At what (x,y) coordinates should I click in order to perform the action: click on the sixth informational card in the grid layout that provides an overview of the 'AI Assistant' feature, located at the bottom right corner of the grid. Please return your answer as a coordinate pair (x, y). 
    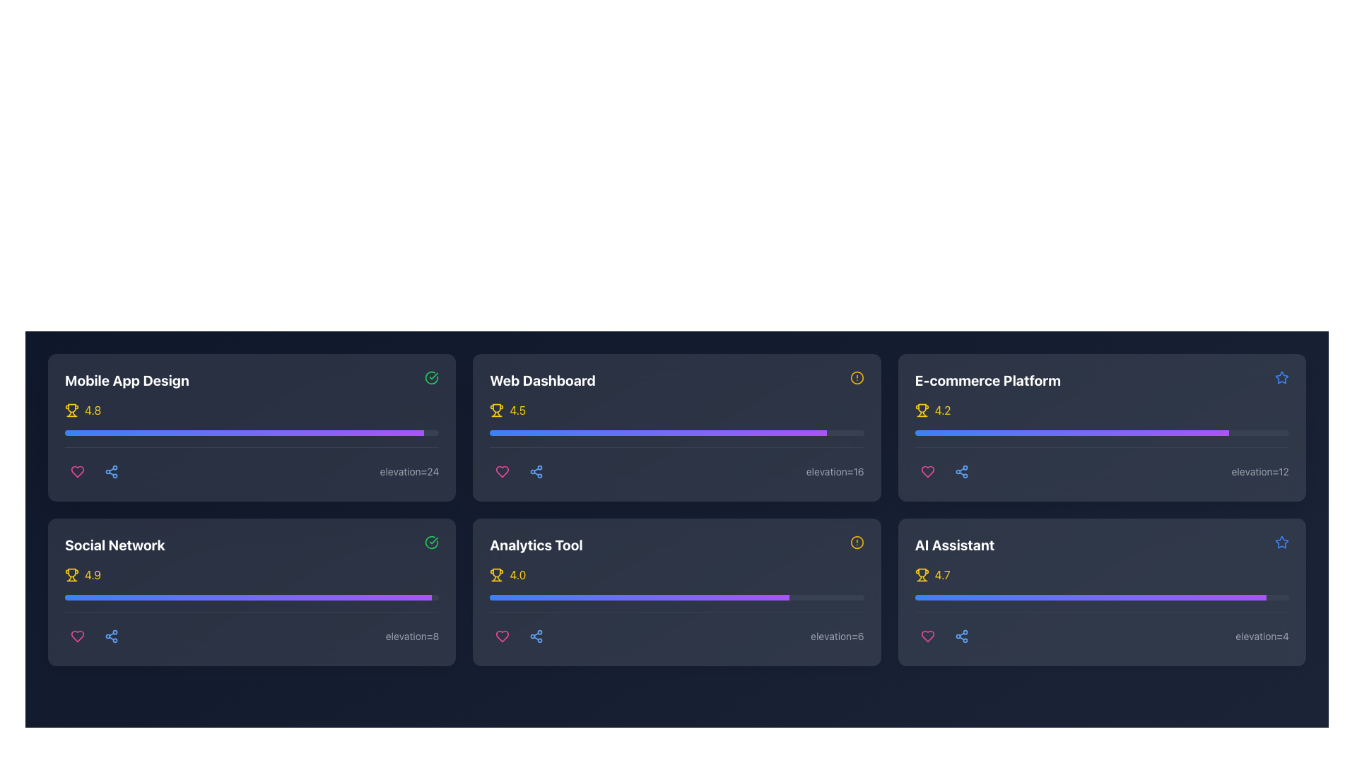
    Looking at the image, I should click on (1101, 592).